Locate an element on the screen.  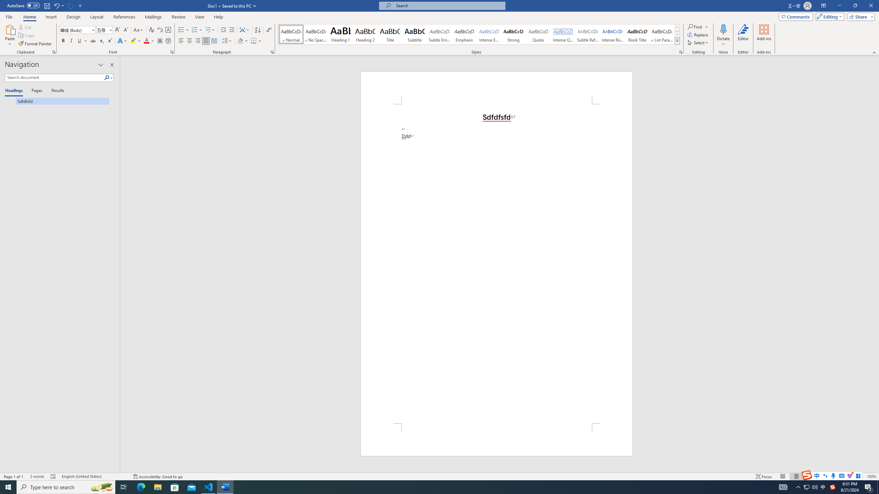
'Italic' is located at coordinates (71, 40).